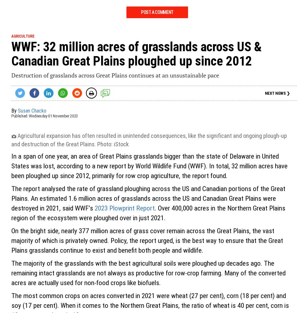 The image size is (308, 313). What do you see at coordinates (148, 213) in the screenshot?
I see `'. Over 400,000 acres in the Northern Great Plains region of the ecosystem were ploughed over in just 2021.'` at bounding box center [148, 213].